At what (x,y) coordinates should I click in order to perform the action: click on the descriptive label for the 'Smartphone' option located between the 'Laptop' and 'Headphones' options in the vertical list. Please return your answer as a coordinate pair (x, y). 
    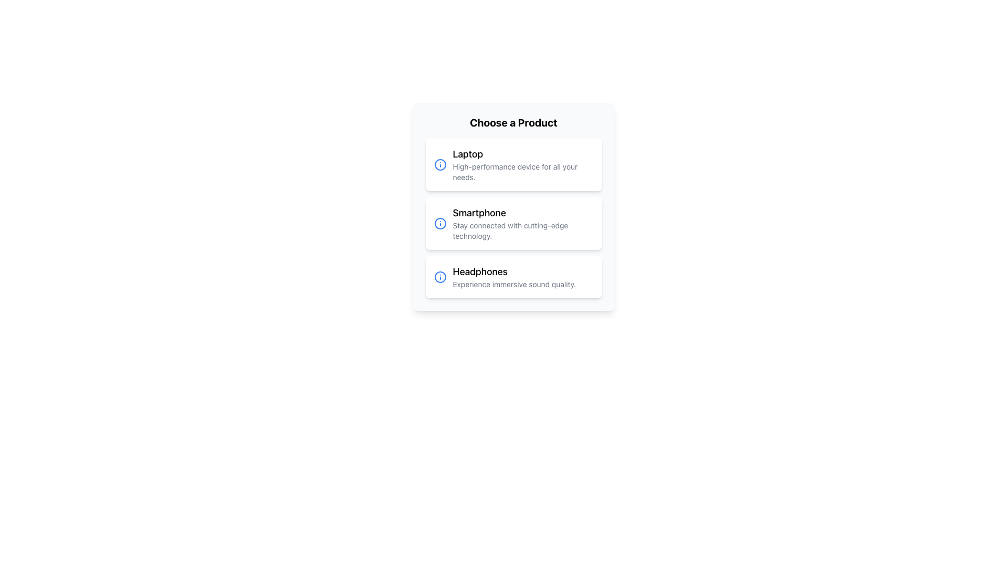
    Looking at the image, I should click on (523, 223).